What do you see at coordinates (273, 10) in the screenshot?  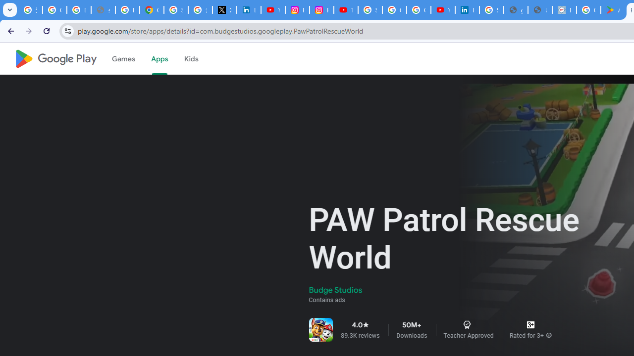 I see `'YouTube Content Monetization Policies - How YouTube Works'` at bounding box center [273, 10].